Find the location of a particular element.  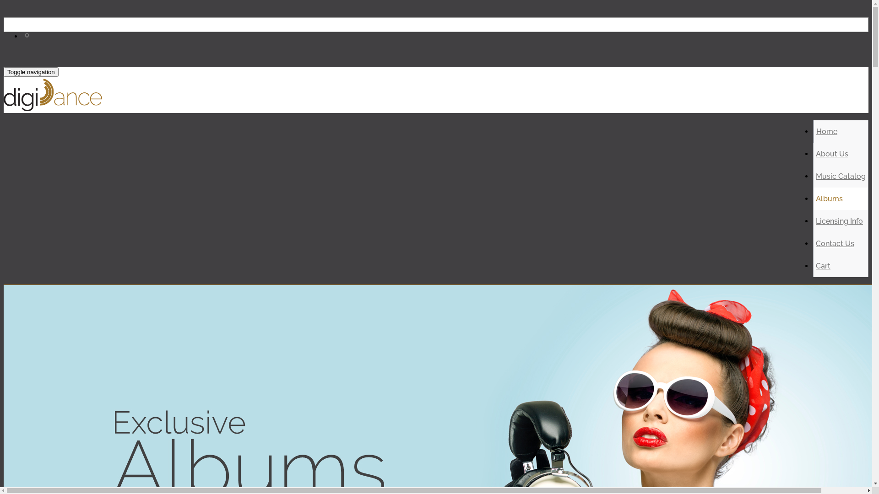

'About Us' is located at coordinates (832, 153).